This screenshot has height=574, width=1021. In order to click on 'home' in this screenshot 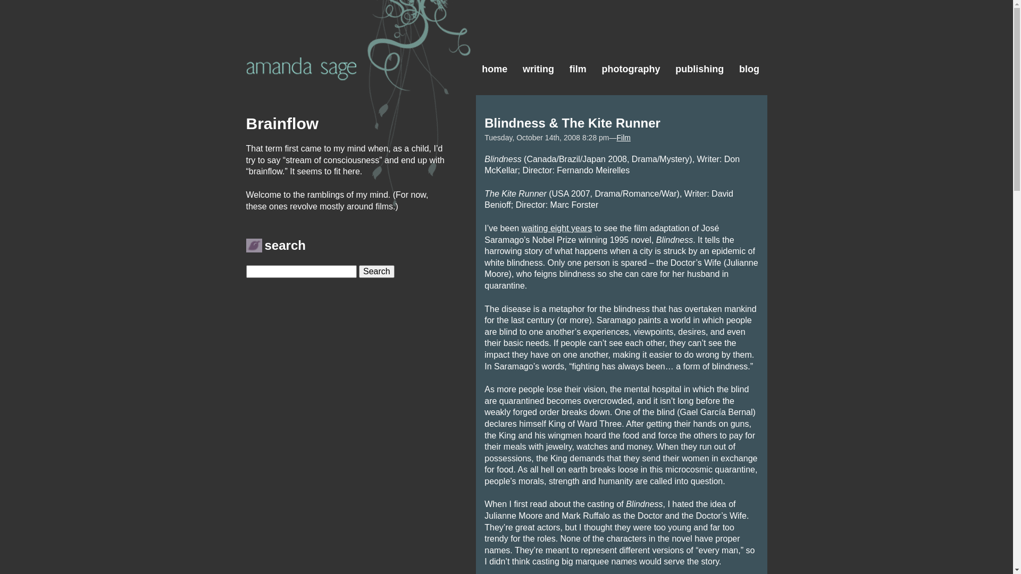, I will do `click(494, 43)`.